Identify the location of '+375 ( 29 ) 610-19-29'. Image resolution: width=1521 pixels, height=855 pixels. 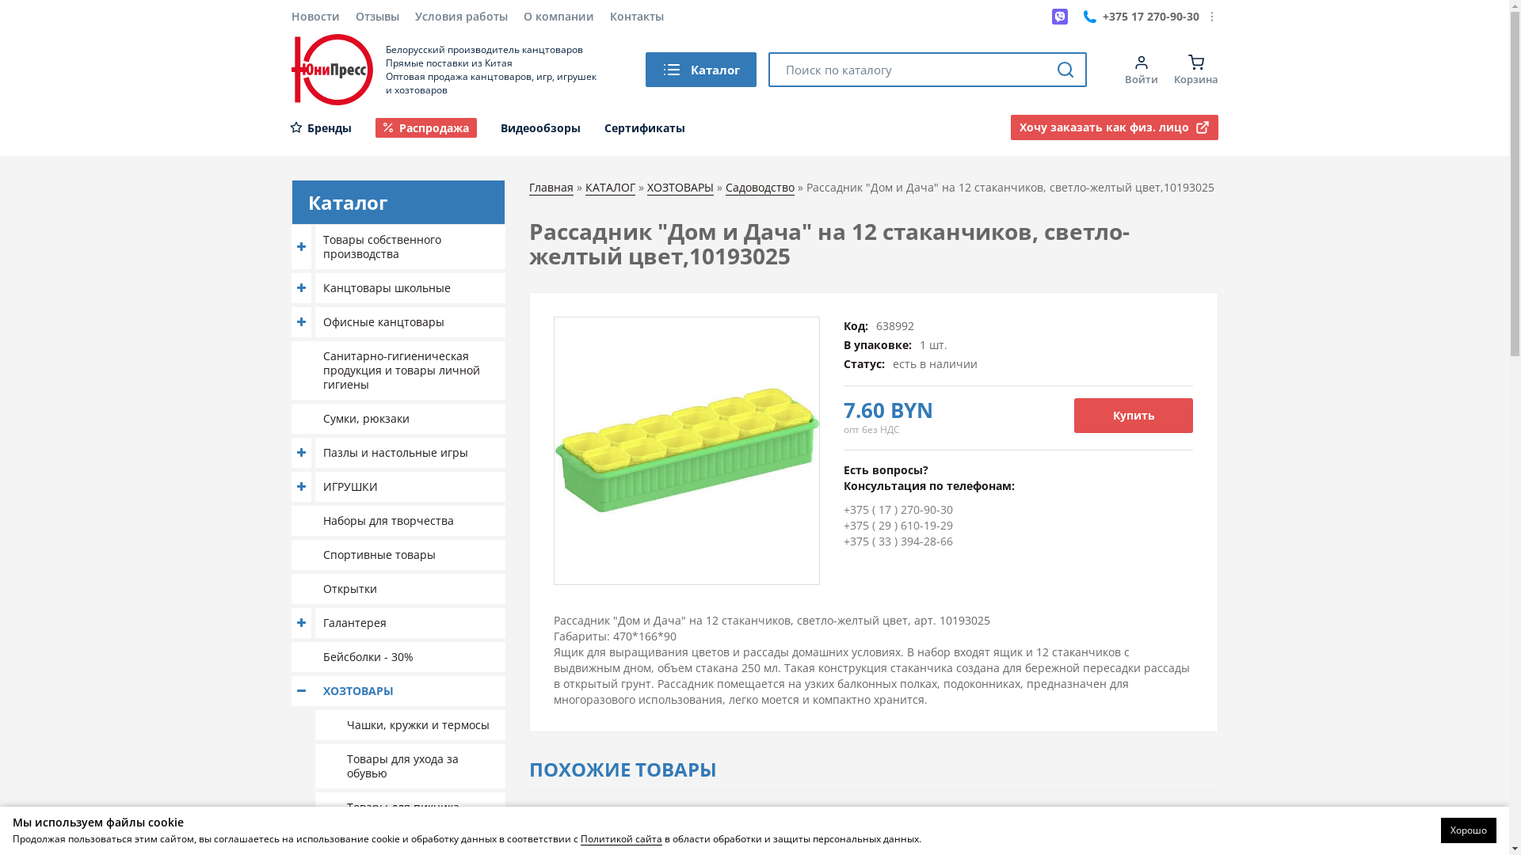
(898, 525).